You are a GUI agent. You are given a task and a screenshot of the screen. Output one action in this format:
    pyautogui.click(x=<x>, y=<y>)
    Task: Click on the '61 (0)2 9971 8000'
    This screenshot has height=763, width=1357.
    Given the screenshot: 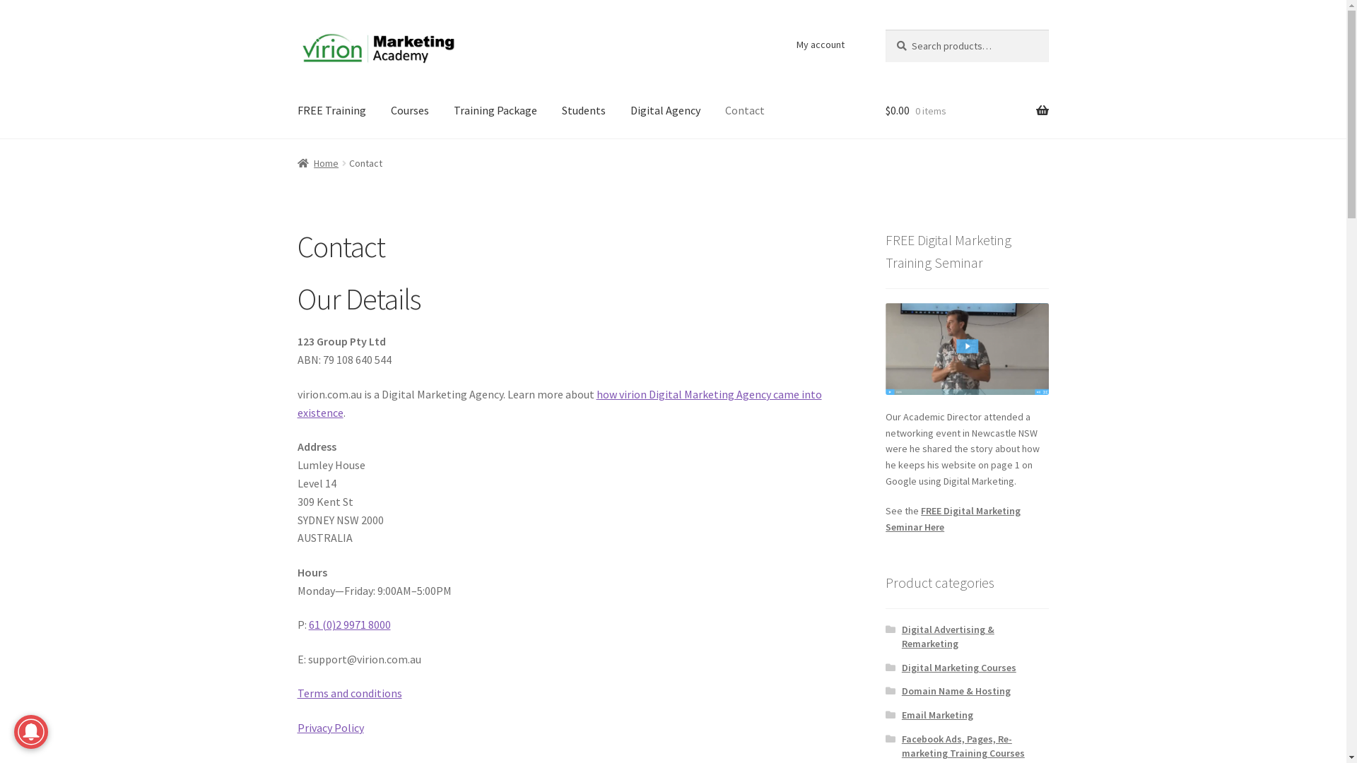 What is the action you would take?
    pyautogui.click(x=349, y=623)
    